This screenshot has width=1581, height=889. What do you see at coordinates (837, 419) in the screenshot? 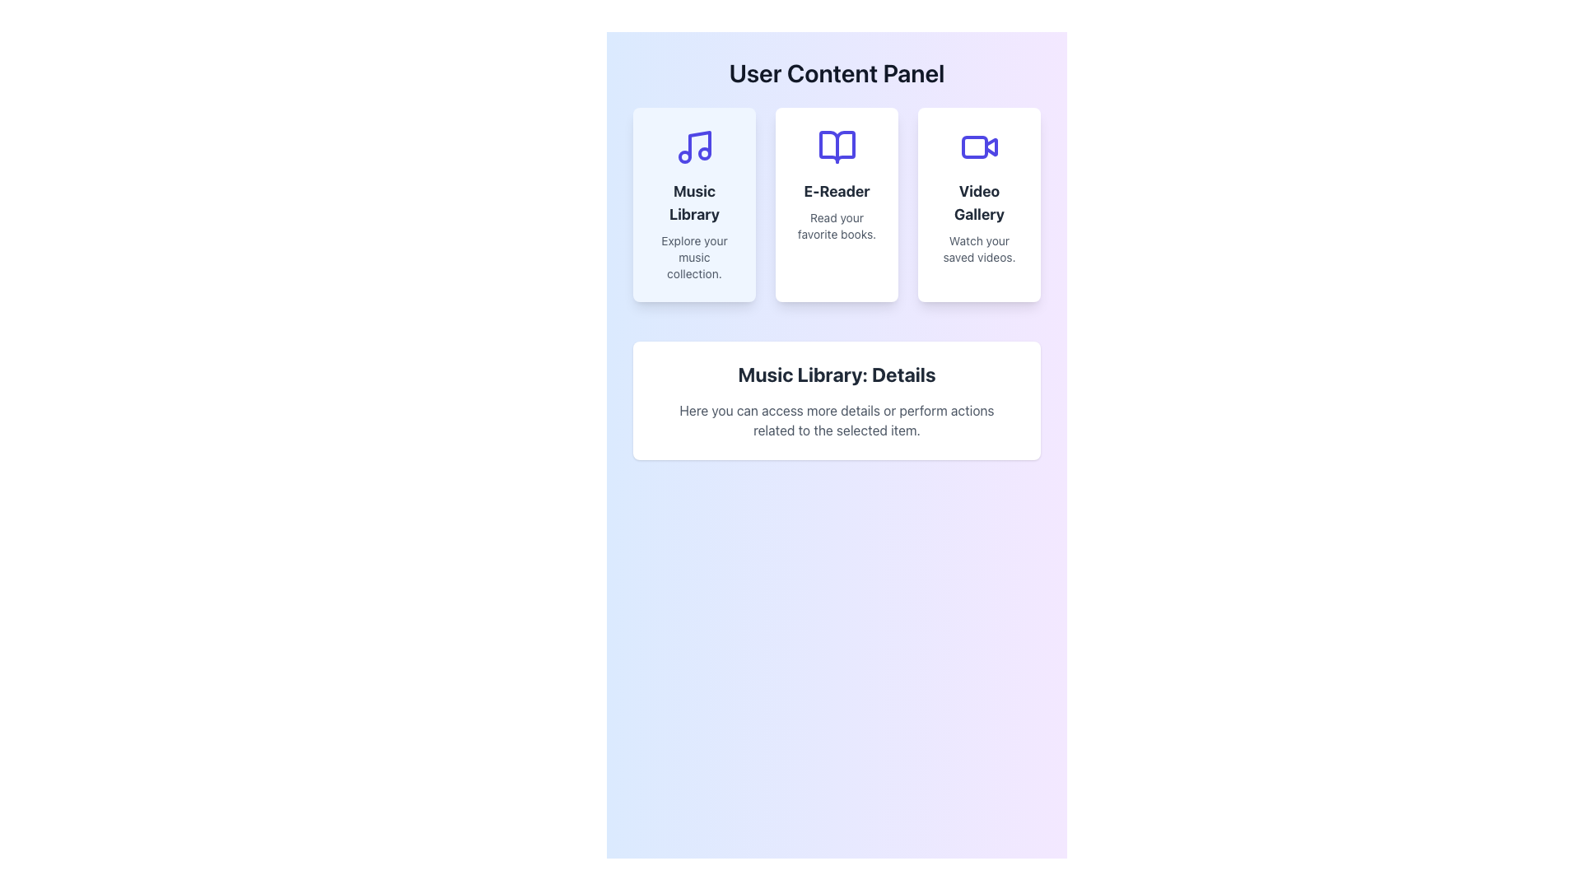
I see `the text block styled in gray that reads 'Here you can access more details or perform actions related to the selected item.' located inside the 'Music Library: Details' card` at bounding box center [837, 419].